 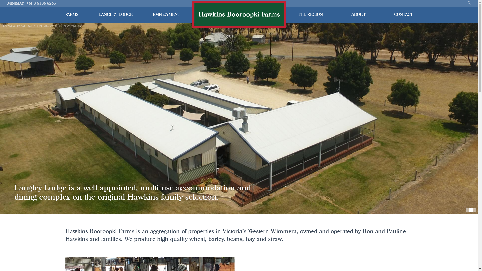 I want to click on 'FARMS', so click(x=72, y=14).